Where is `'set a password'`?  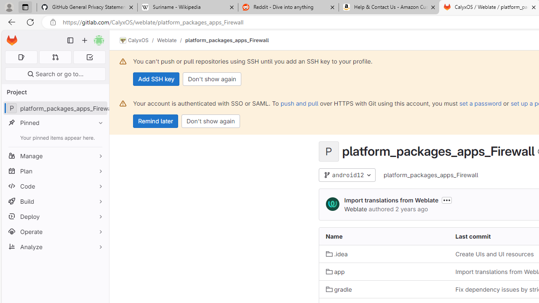 'set a password' is located at coordinates (480, 103).